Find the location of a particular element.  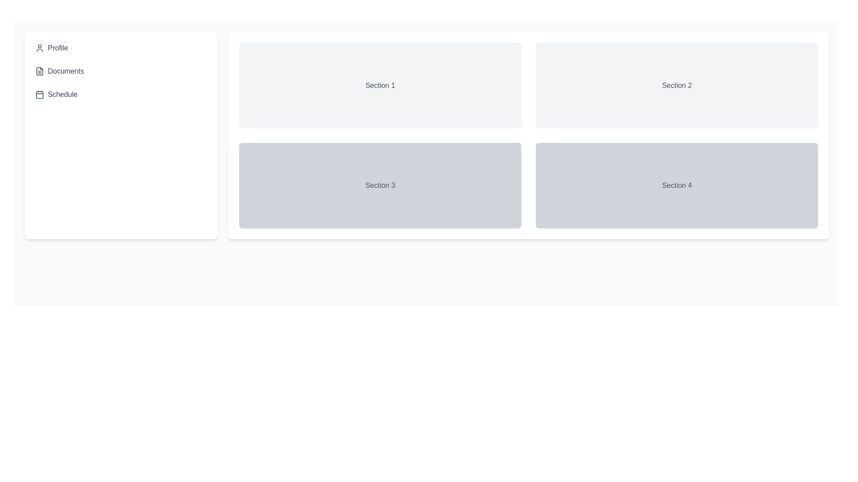

the 'Schedule' text label in the vertical menu list on the left sidebar is located at coordinates (62, 95).